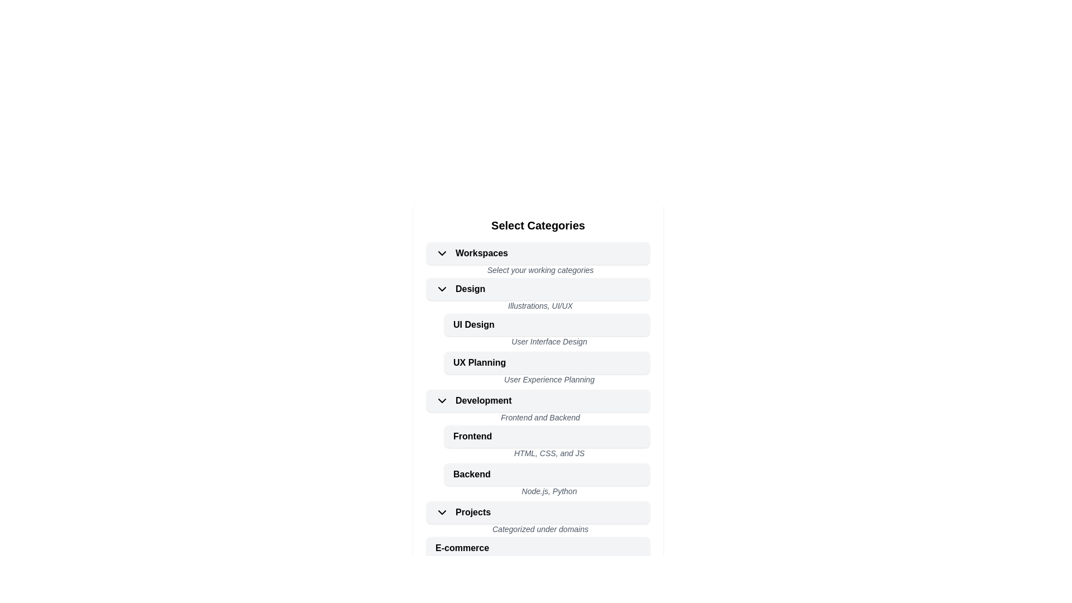 The height and width of the screenshot is (603, 1072). What do you see at coordinates (444, 253) in the screenshot?
I see `the icon that toggles the 'Workspaces' section` at bounding box center [444, 253].